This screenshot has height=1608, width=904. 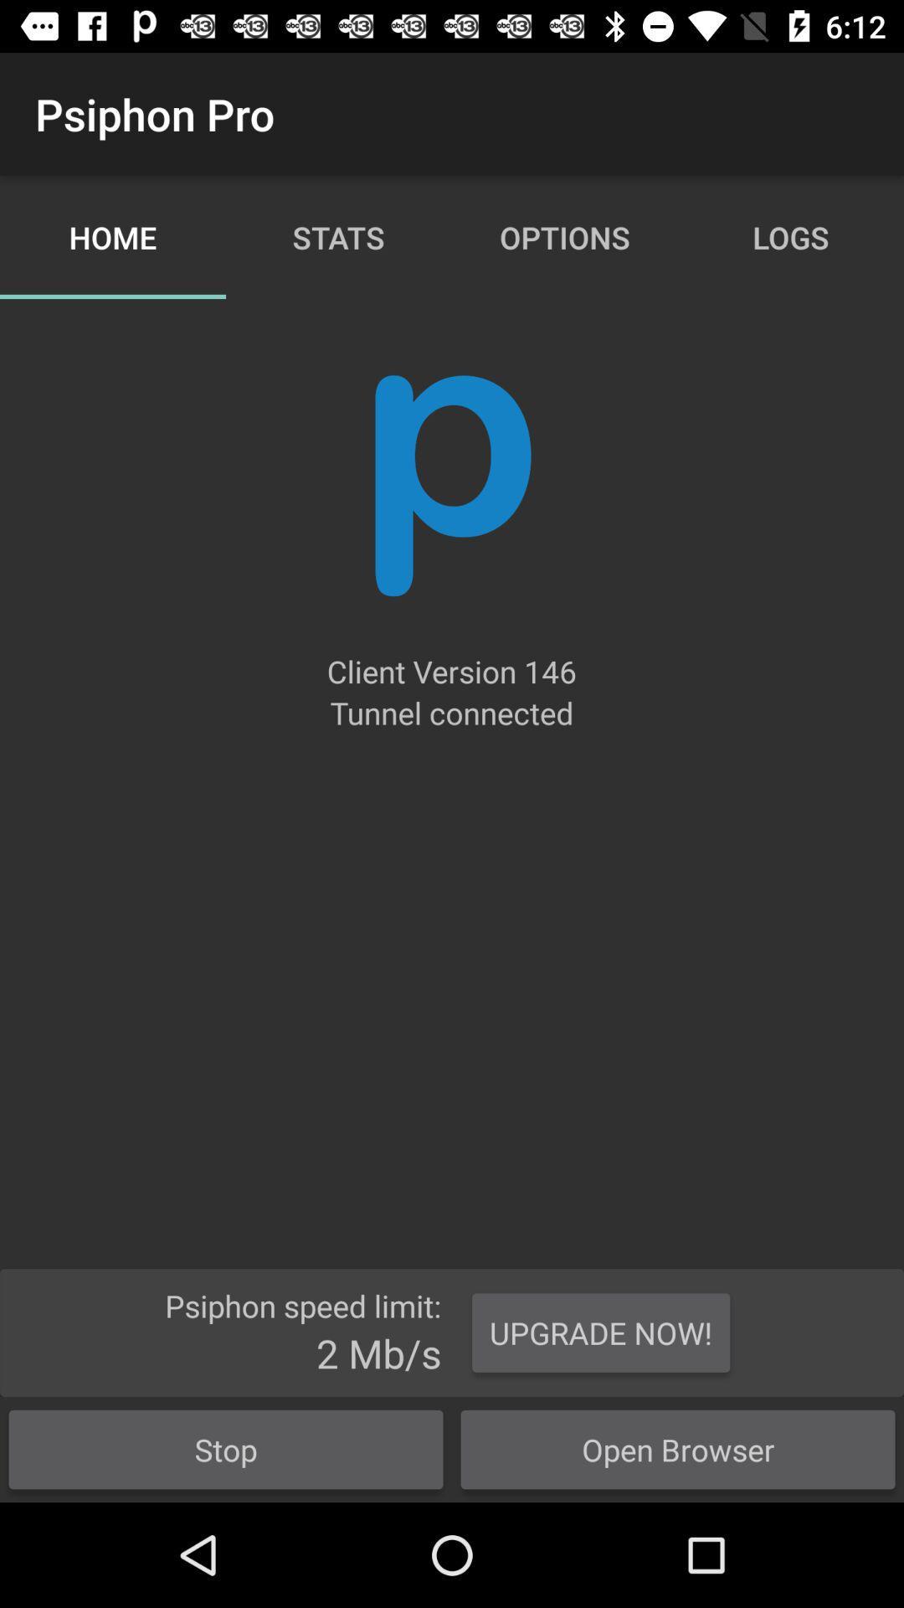 I want to click on the open browser button, so click(x=678, y=1449).